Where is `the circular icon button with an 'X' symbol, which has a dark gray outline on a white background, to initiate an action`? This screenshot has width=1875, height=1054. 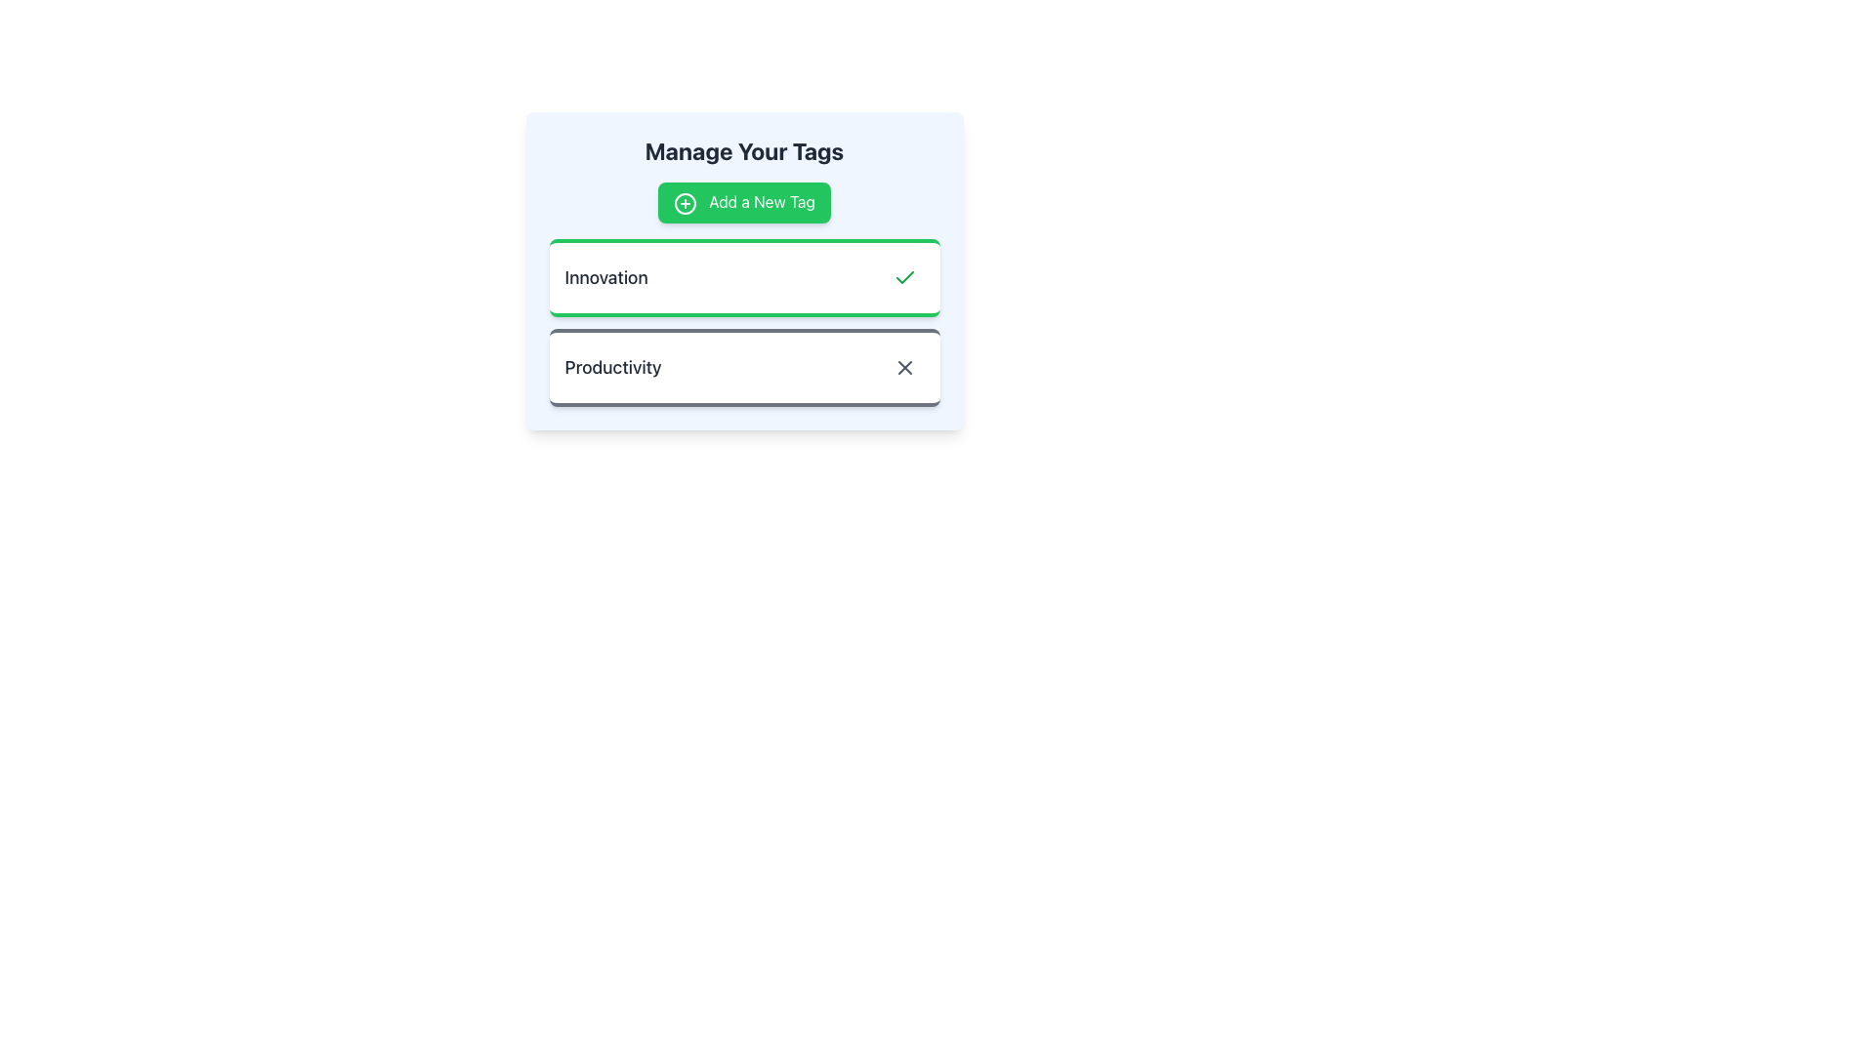
the circular icon button with an 'X' symbol, which has a dark gray outline on a white background, to initiate an action is located at coordinates (903, 367).